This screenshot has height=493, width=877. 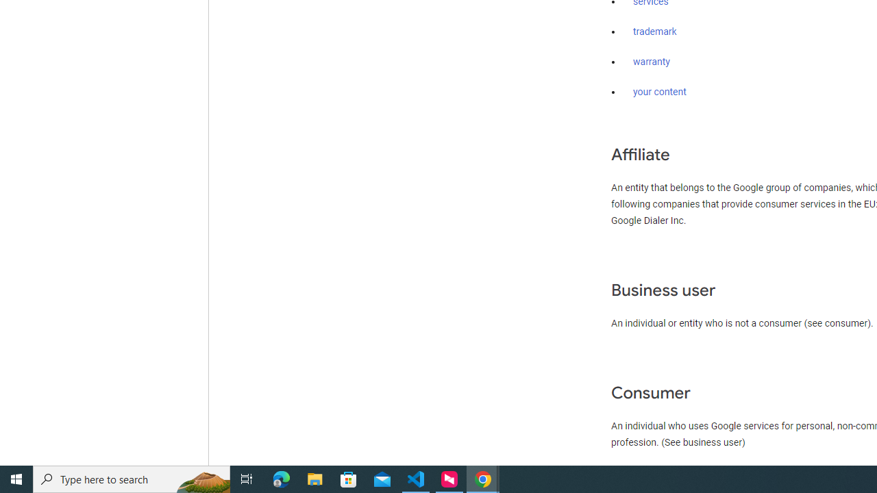 I want to click on 'your content', so click(x=660, y=92).